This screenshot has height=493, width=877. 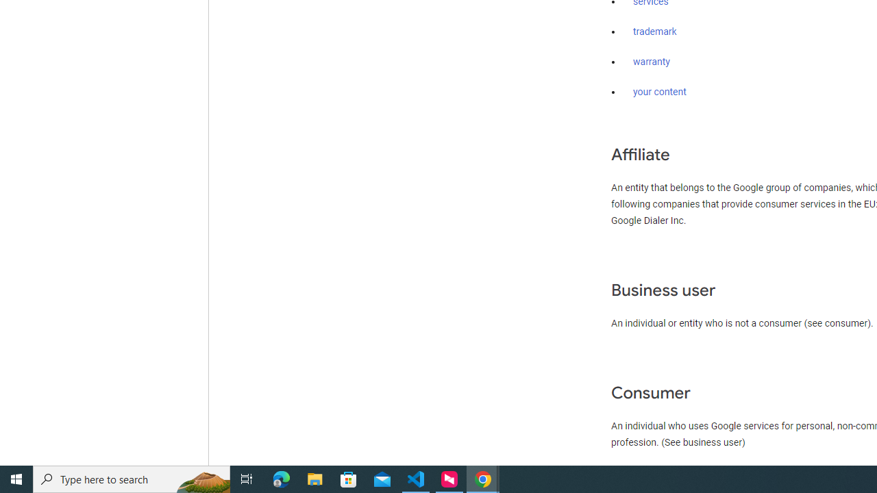 I want to click on 'your content', so click(x=660, y=92).